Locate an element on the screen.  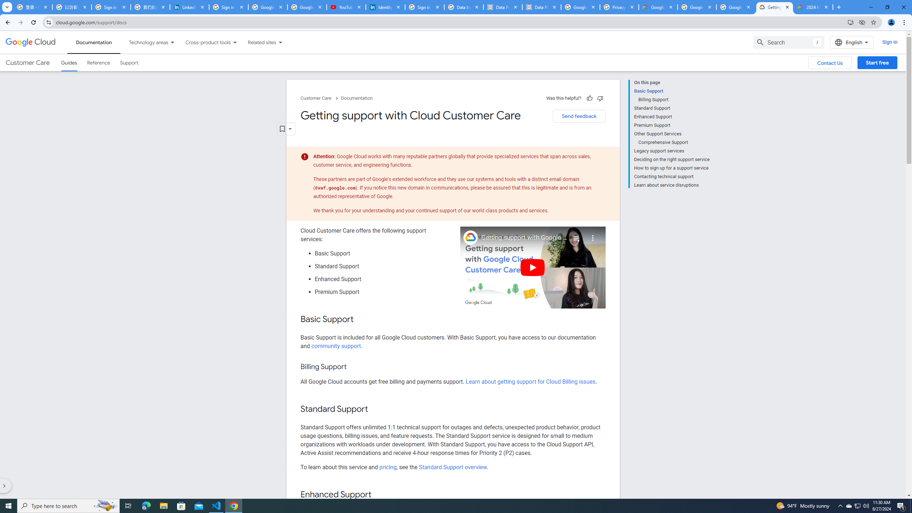
'Data Privacy Framework' is located at coordinates (502, 7).